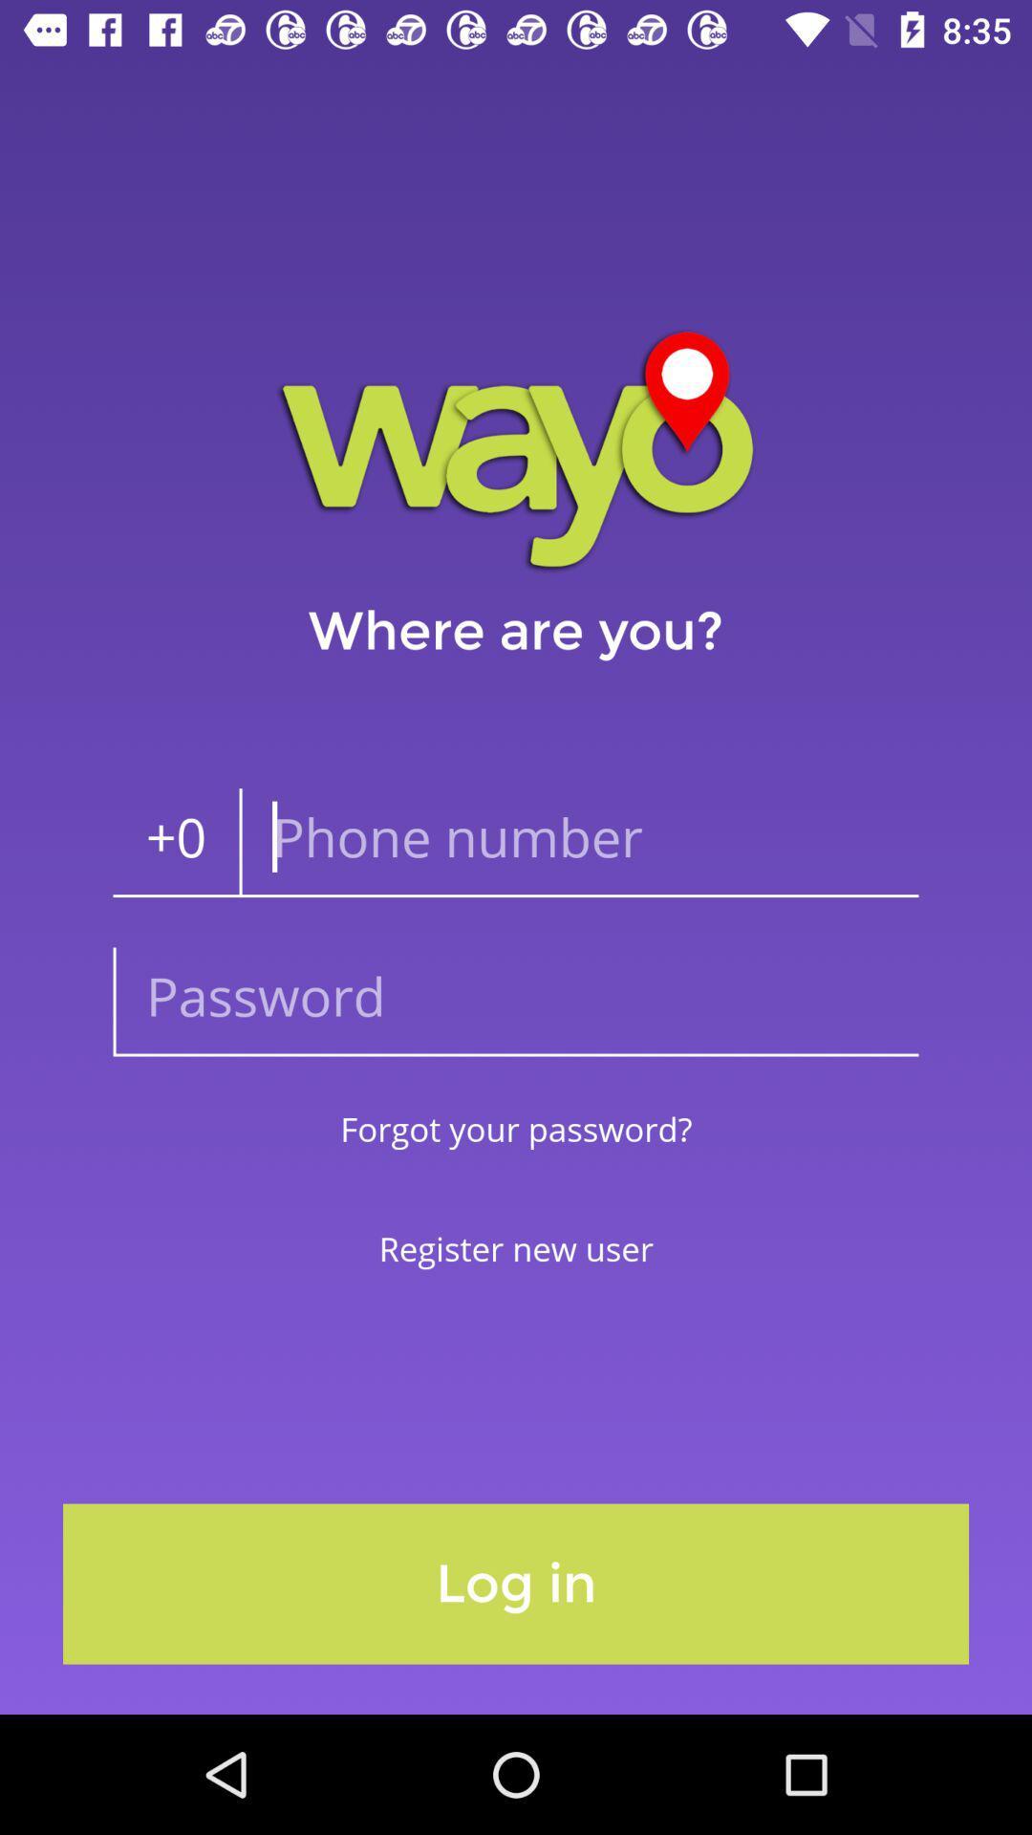  What do you see at coordinates (516, 1001) in the screenshot?
I see `item below +0 item` at bounding box center [516, 1001].